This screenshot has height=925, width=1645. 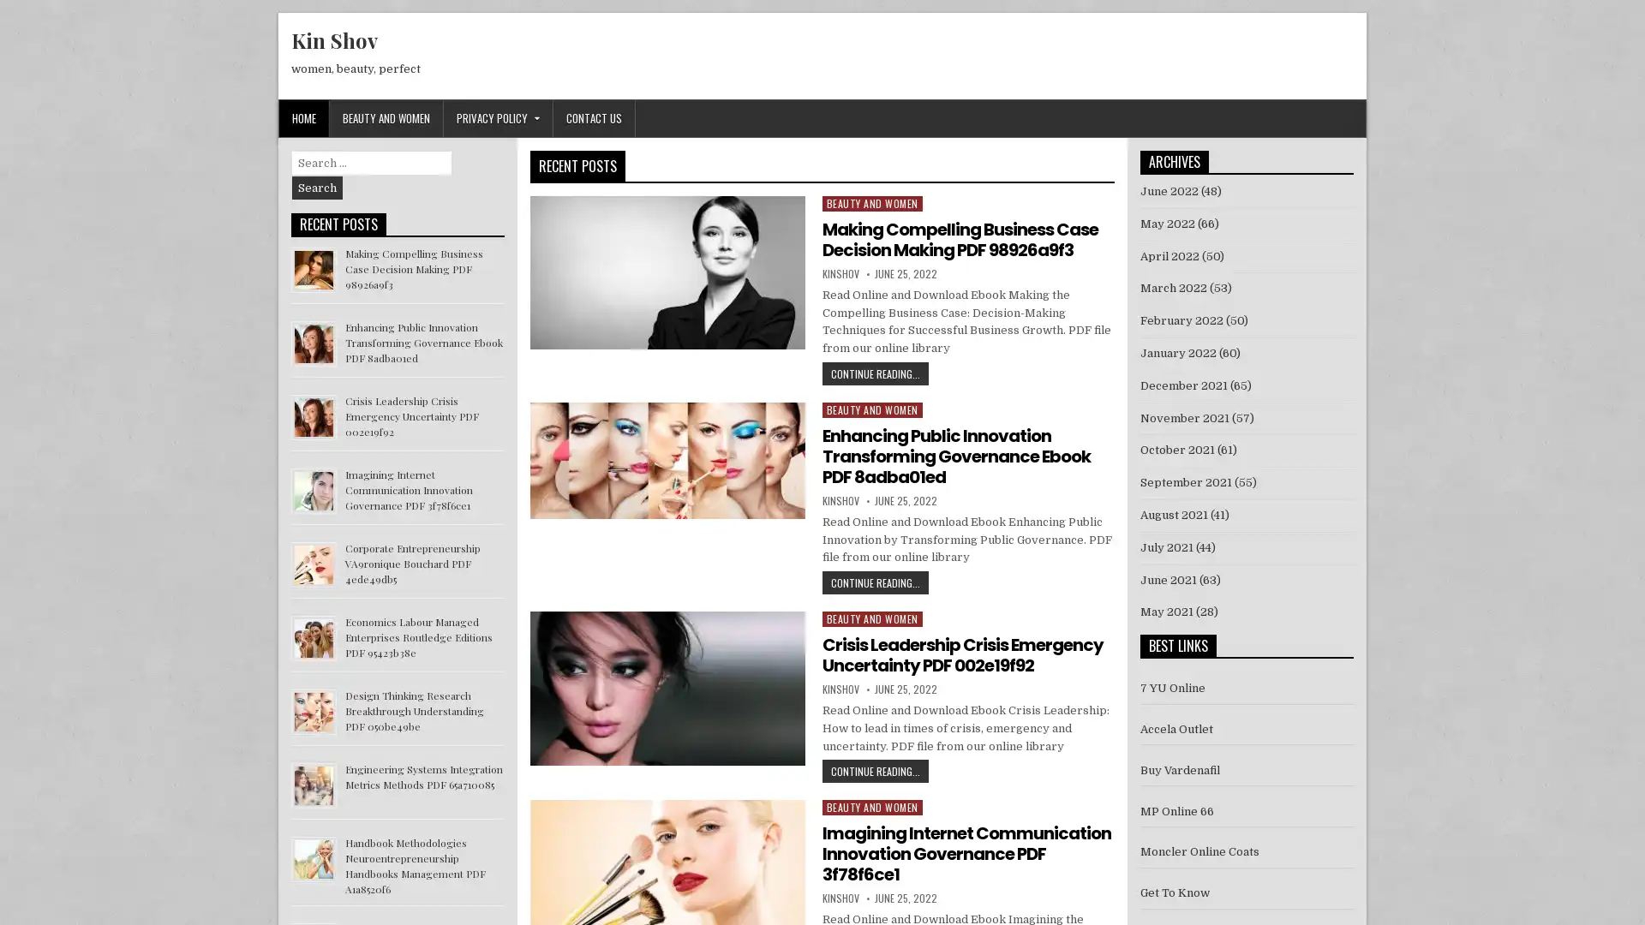 What do you see at coordinates (317, 188) in the screenshot?
I see `Search` at bounding box center [317, 188].